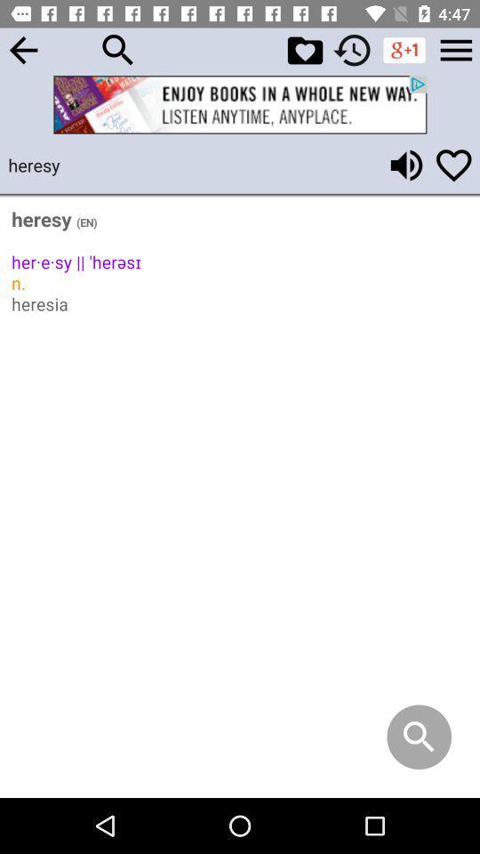 The image size is (480, 854). I want to click on hear word pronunciation, so click(406, 165).